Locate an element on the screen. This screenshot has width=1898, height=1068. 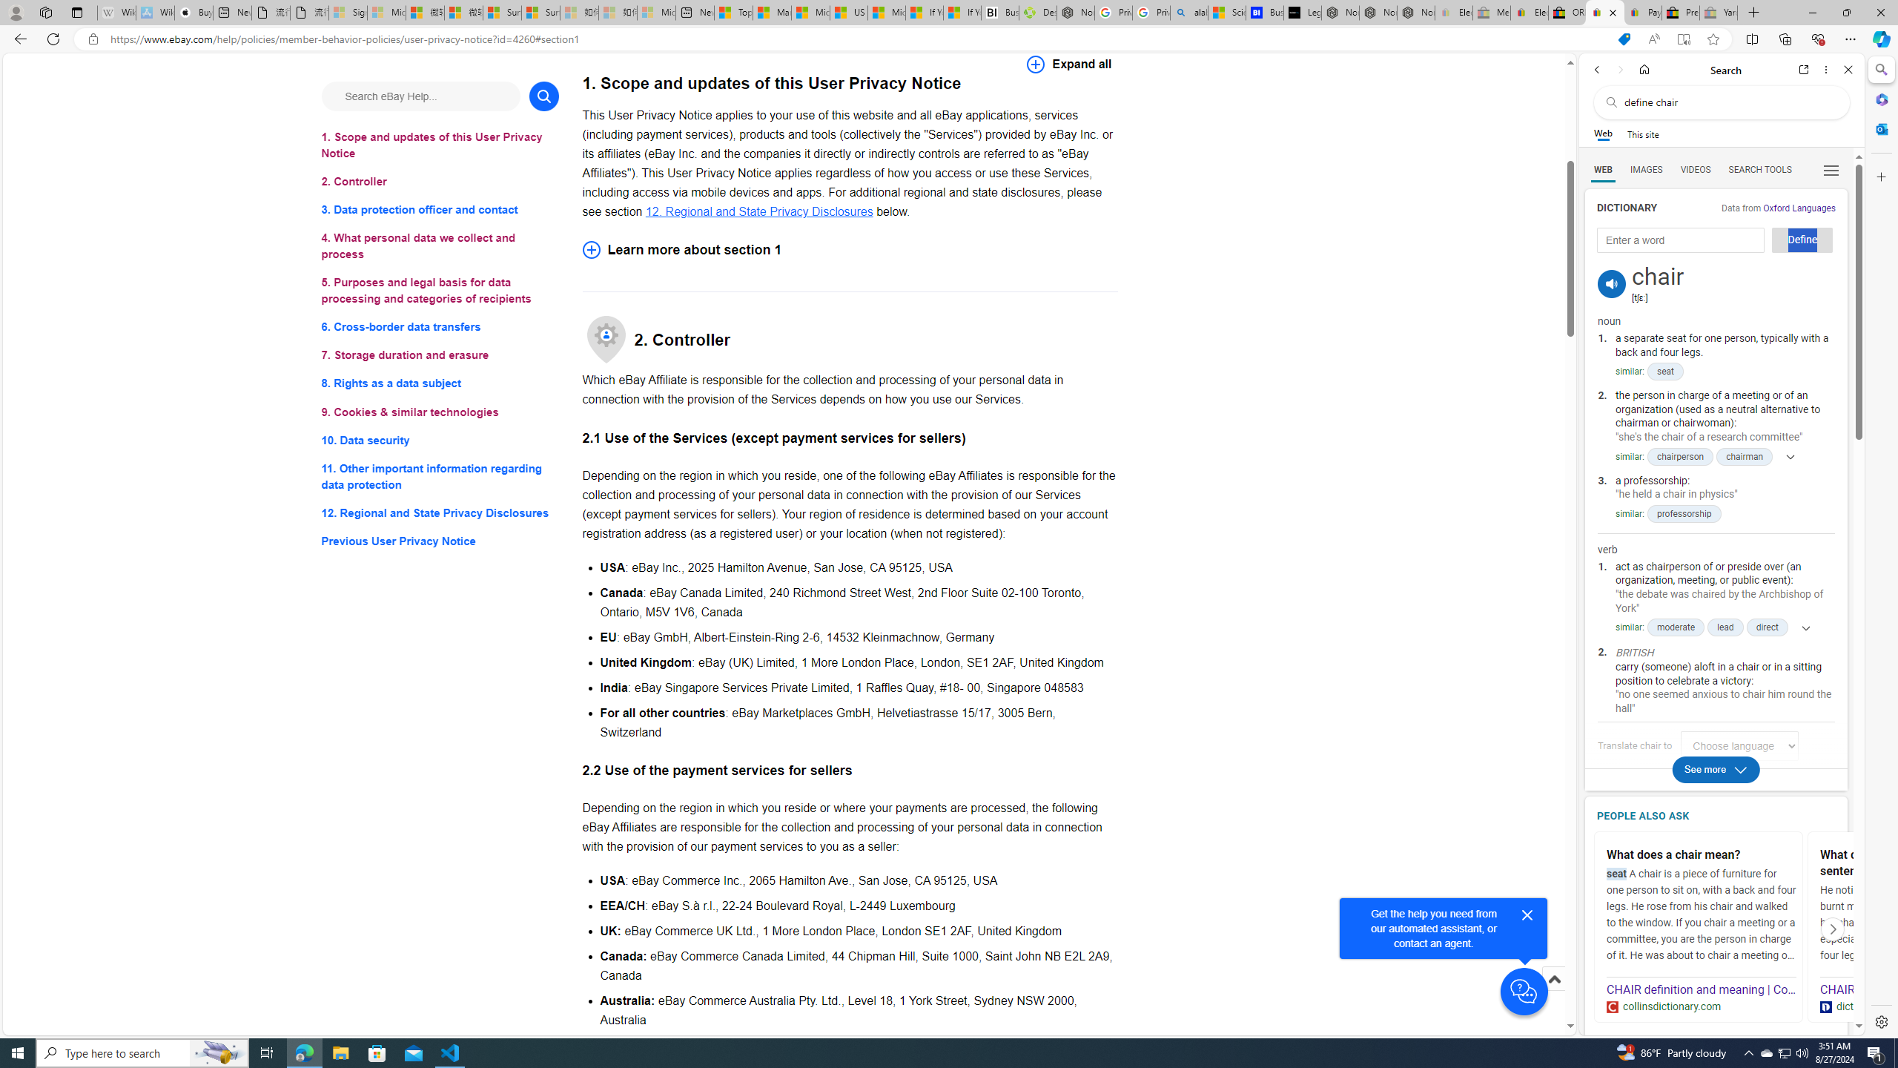
'4. What personal data we collect and process' is located at coordinates (439, 246).